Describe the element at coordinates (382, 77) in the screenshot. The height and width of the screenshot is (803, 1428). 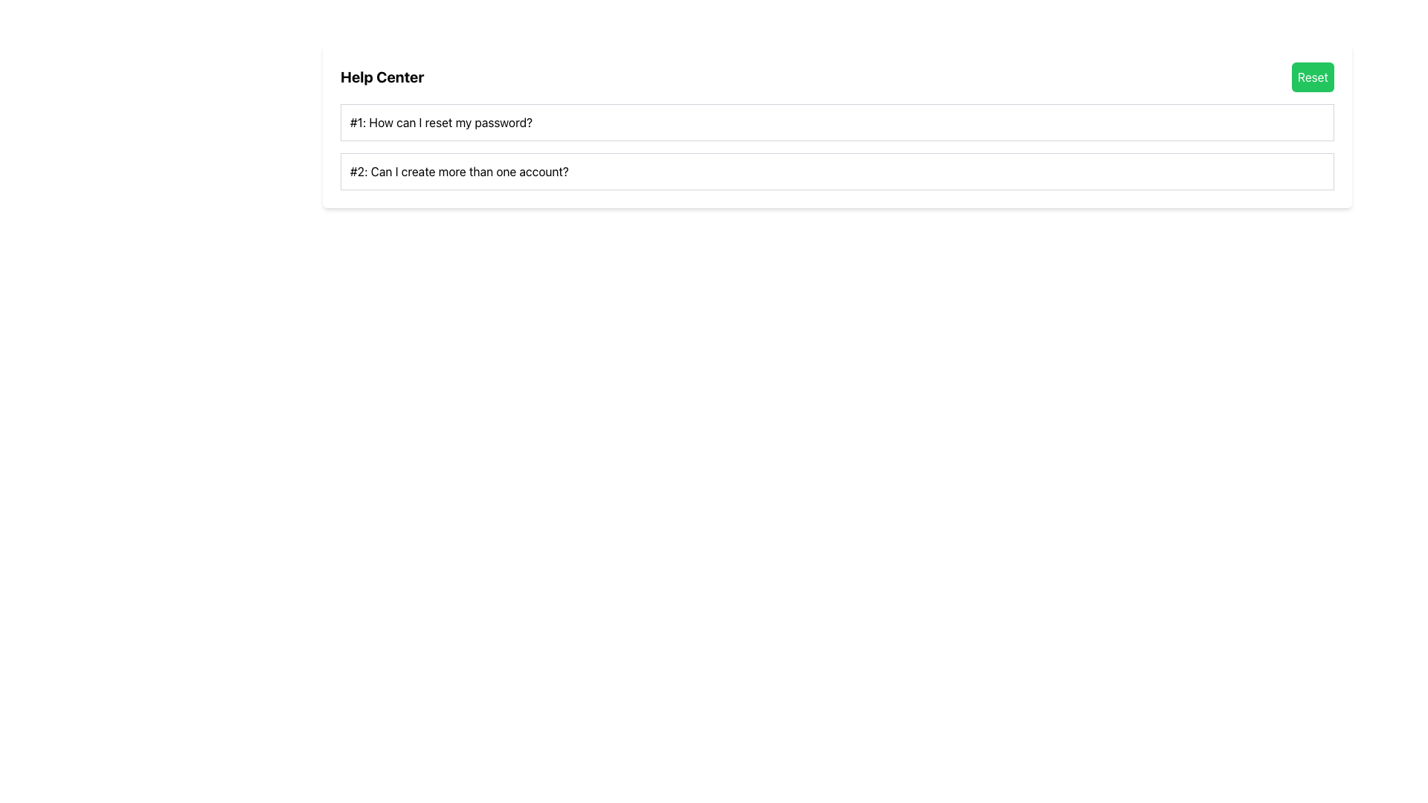
I see `the 'Help Center' text label, which is prominently displayed in bold and extra-large font at the upper left of the interface` at that location.